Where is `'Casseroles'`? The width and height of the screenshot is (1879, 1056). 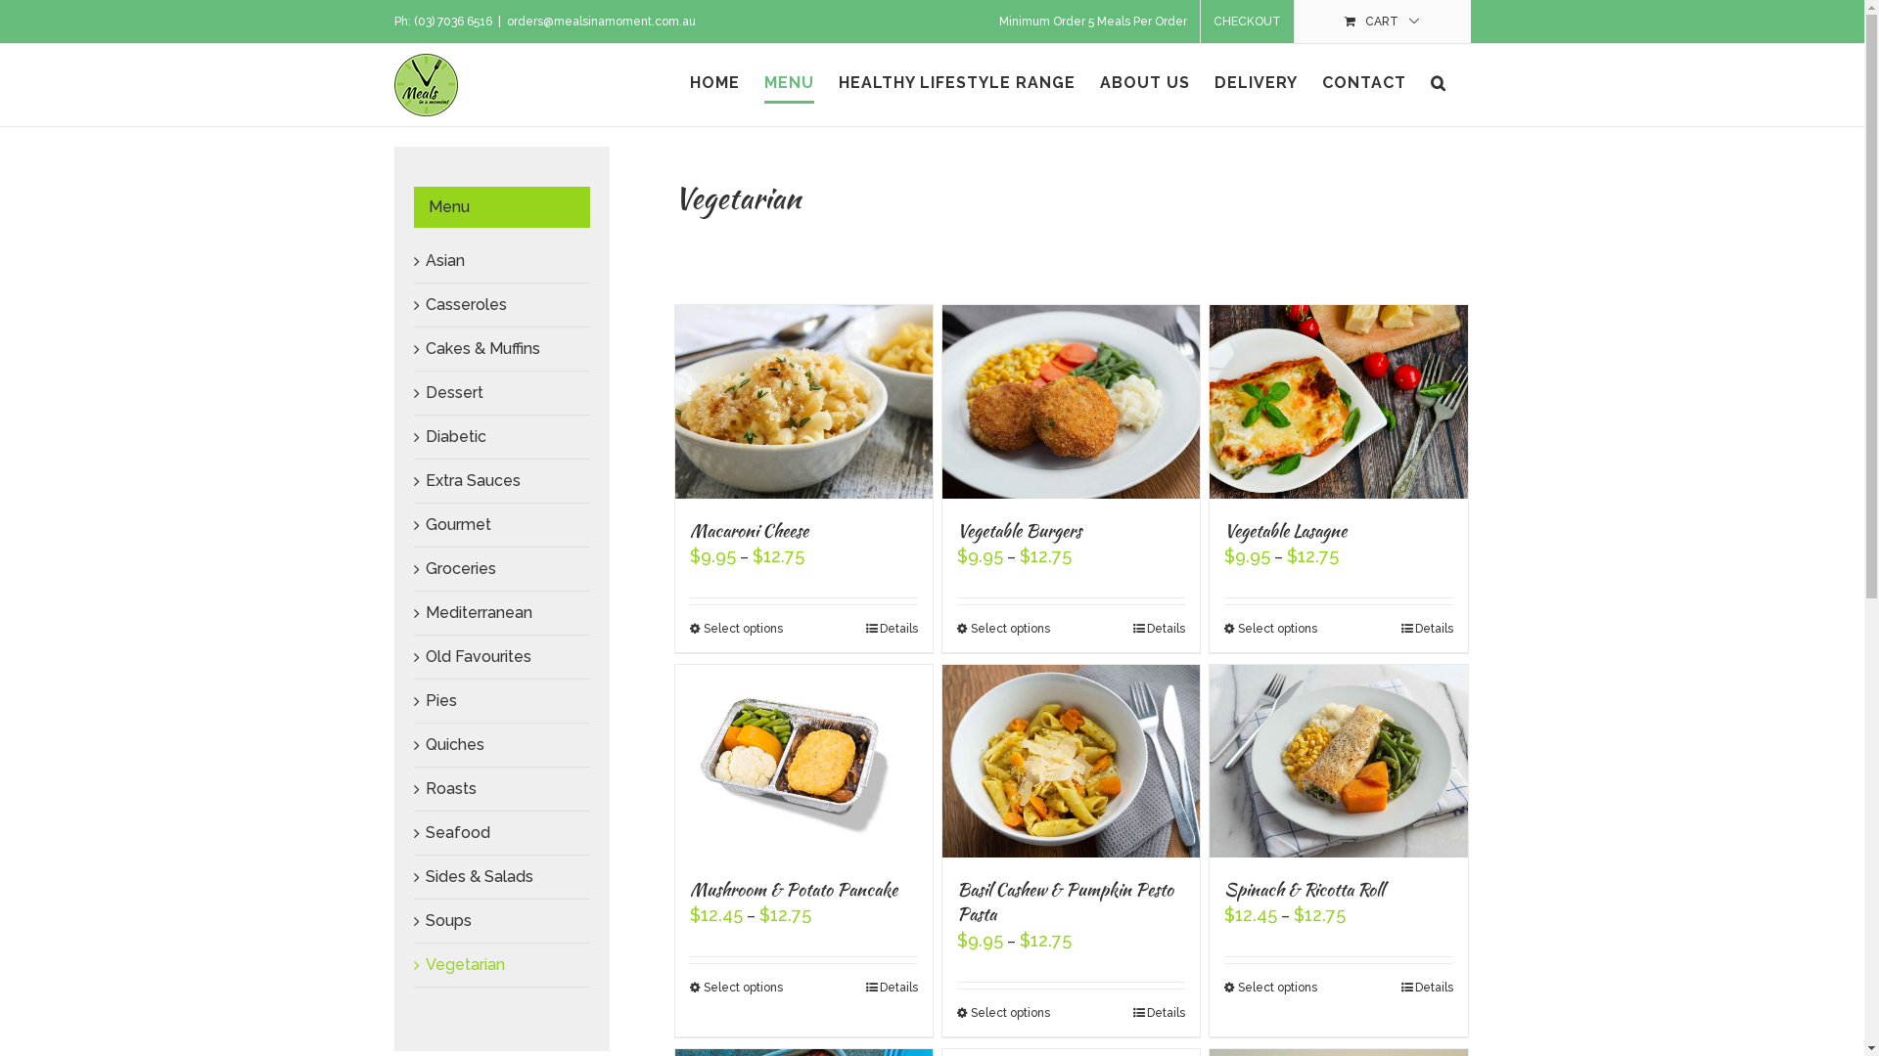
'Casseroles' is located at coordinates (464, 304).